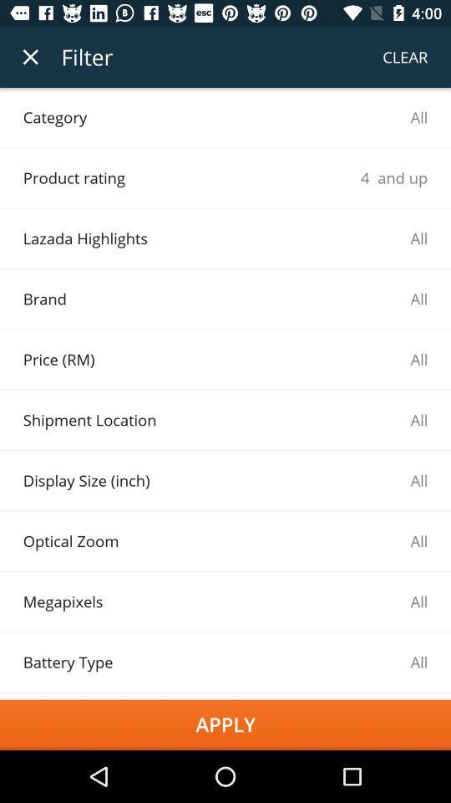  Describe the element at coordinates (30, 57) in the screenshot. I see `the item to the left of the filter item` at that location.